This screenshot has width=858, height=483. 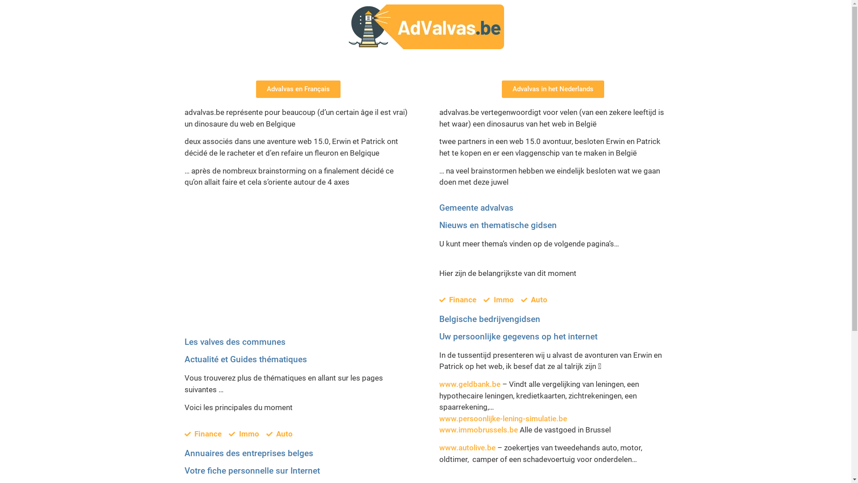 I want to click on 'Immo', so click(x=244, y=434).